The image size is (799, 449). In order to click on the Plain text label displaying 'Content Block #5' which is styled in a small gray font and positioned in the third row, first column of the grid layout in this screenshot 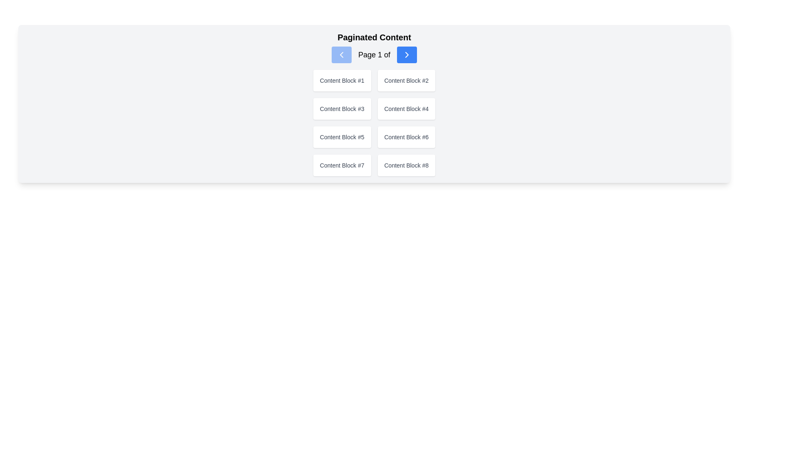, I will do `click(342, 137)`.